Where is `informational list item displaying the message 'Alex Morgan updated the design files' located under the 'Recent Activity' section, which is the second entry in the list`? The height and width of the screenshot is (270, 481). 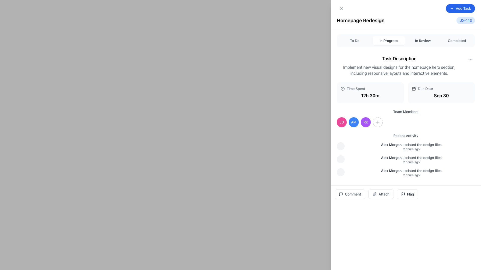
informational list item displaying the message 'Alex Morgan updated the design files' located under the 'Recent Activity' section, which is the second entry in the list is located at coordinates (411, 160).